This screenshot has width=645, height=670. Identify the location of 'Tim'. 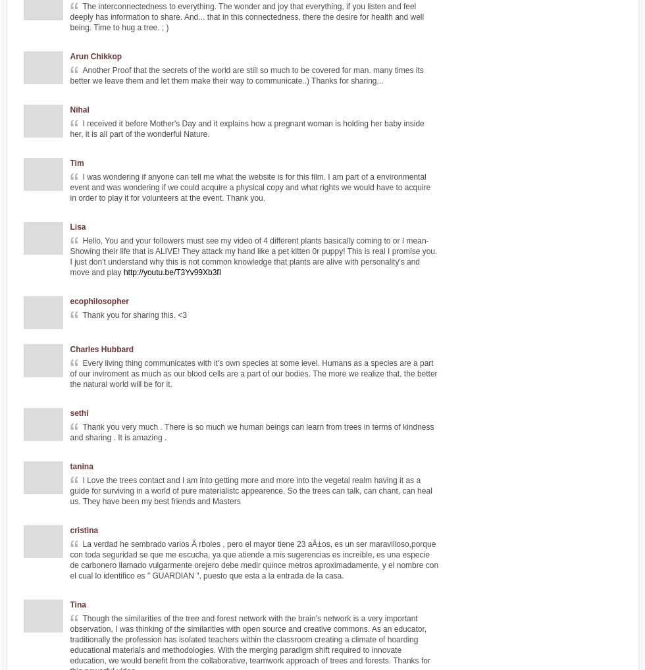
(76, 162).